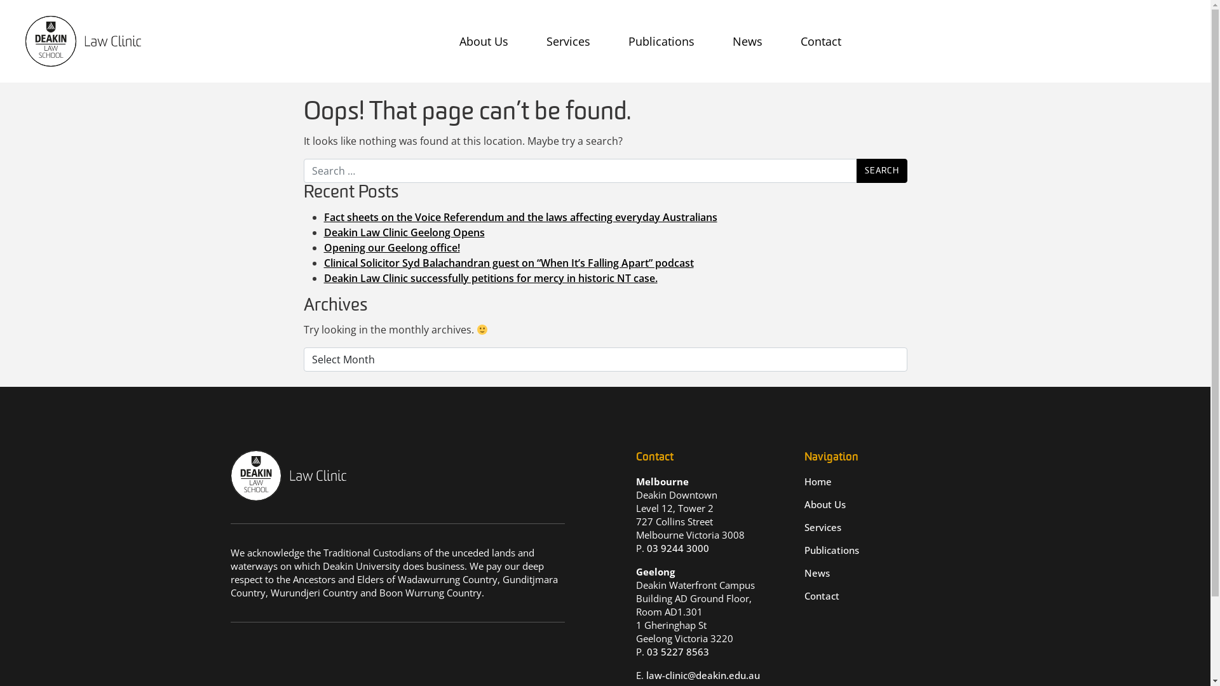  I want to click on 'law-clinic@deakin.edu.au', so click(701, 675).